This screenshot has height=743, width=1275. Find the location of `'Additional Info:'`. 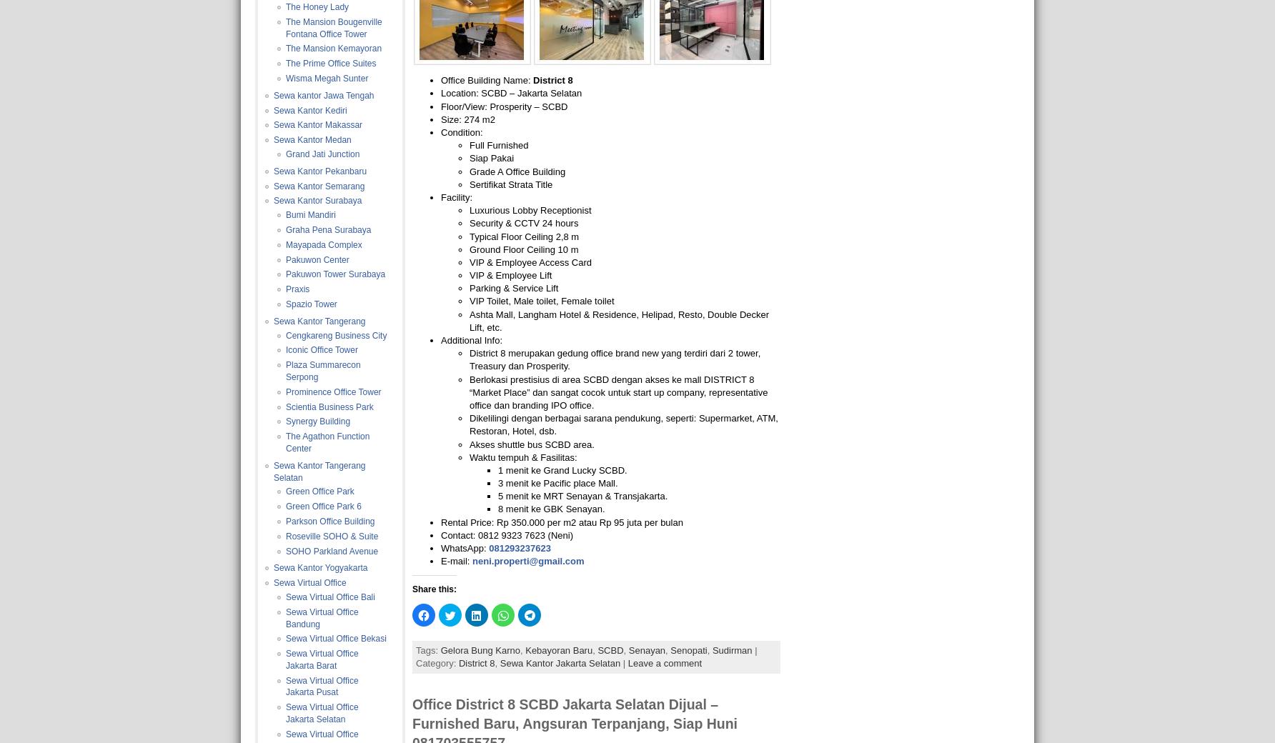

'Additional Info:' is located at coordinates (440, 340).